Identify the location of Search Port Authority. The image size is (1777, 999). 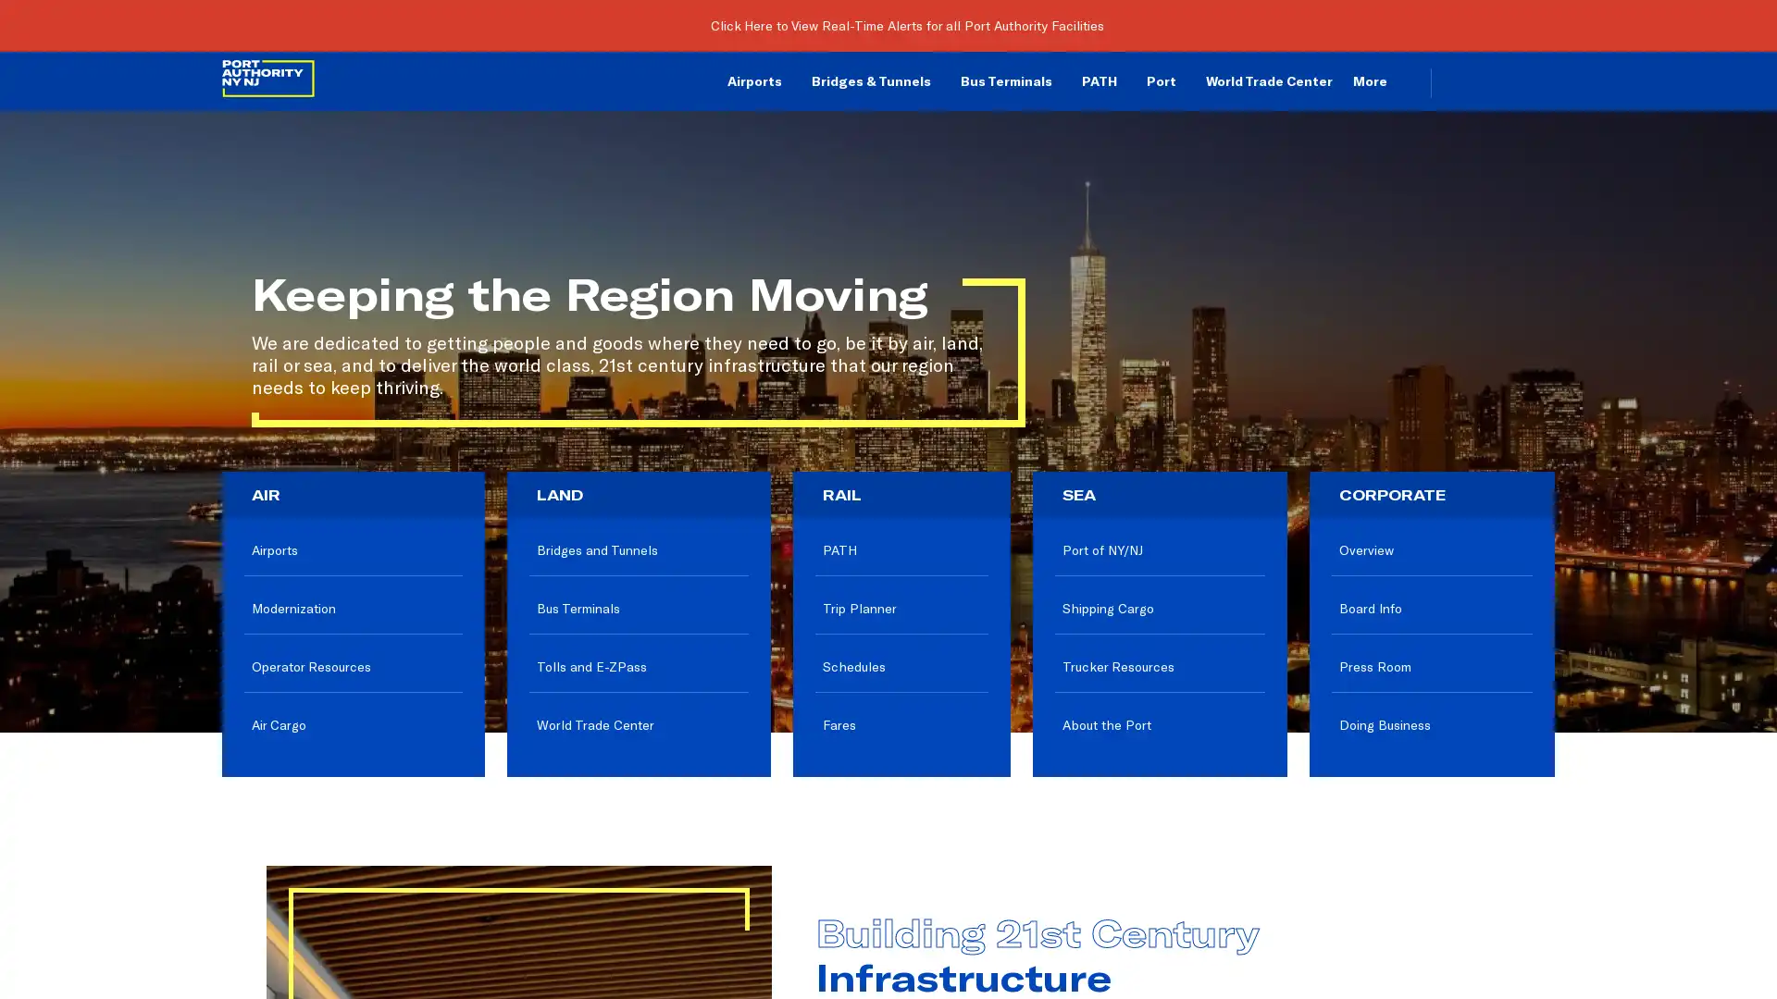
(1534, 80).